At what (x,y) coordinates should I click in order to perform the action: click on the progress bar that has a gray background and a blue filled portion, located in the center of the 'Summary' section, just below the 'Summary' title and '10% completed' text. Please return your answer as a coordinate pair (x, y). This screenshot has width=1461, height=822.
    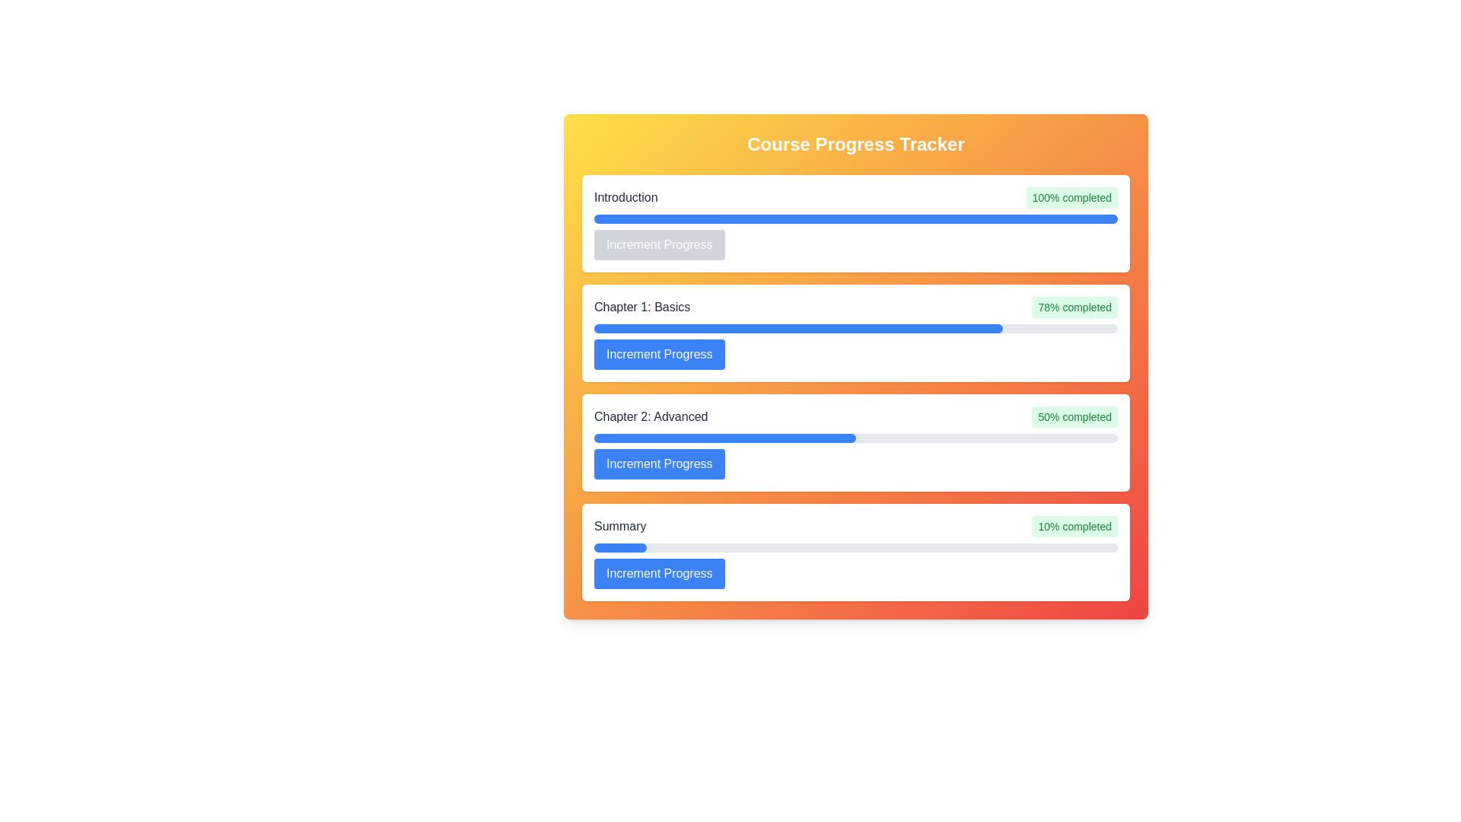
    Looking at the image, I should click on (855, 548).